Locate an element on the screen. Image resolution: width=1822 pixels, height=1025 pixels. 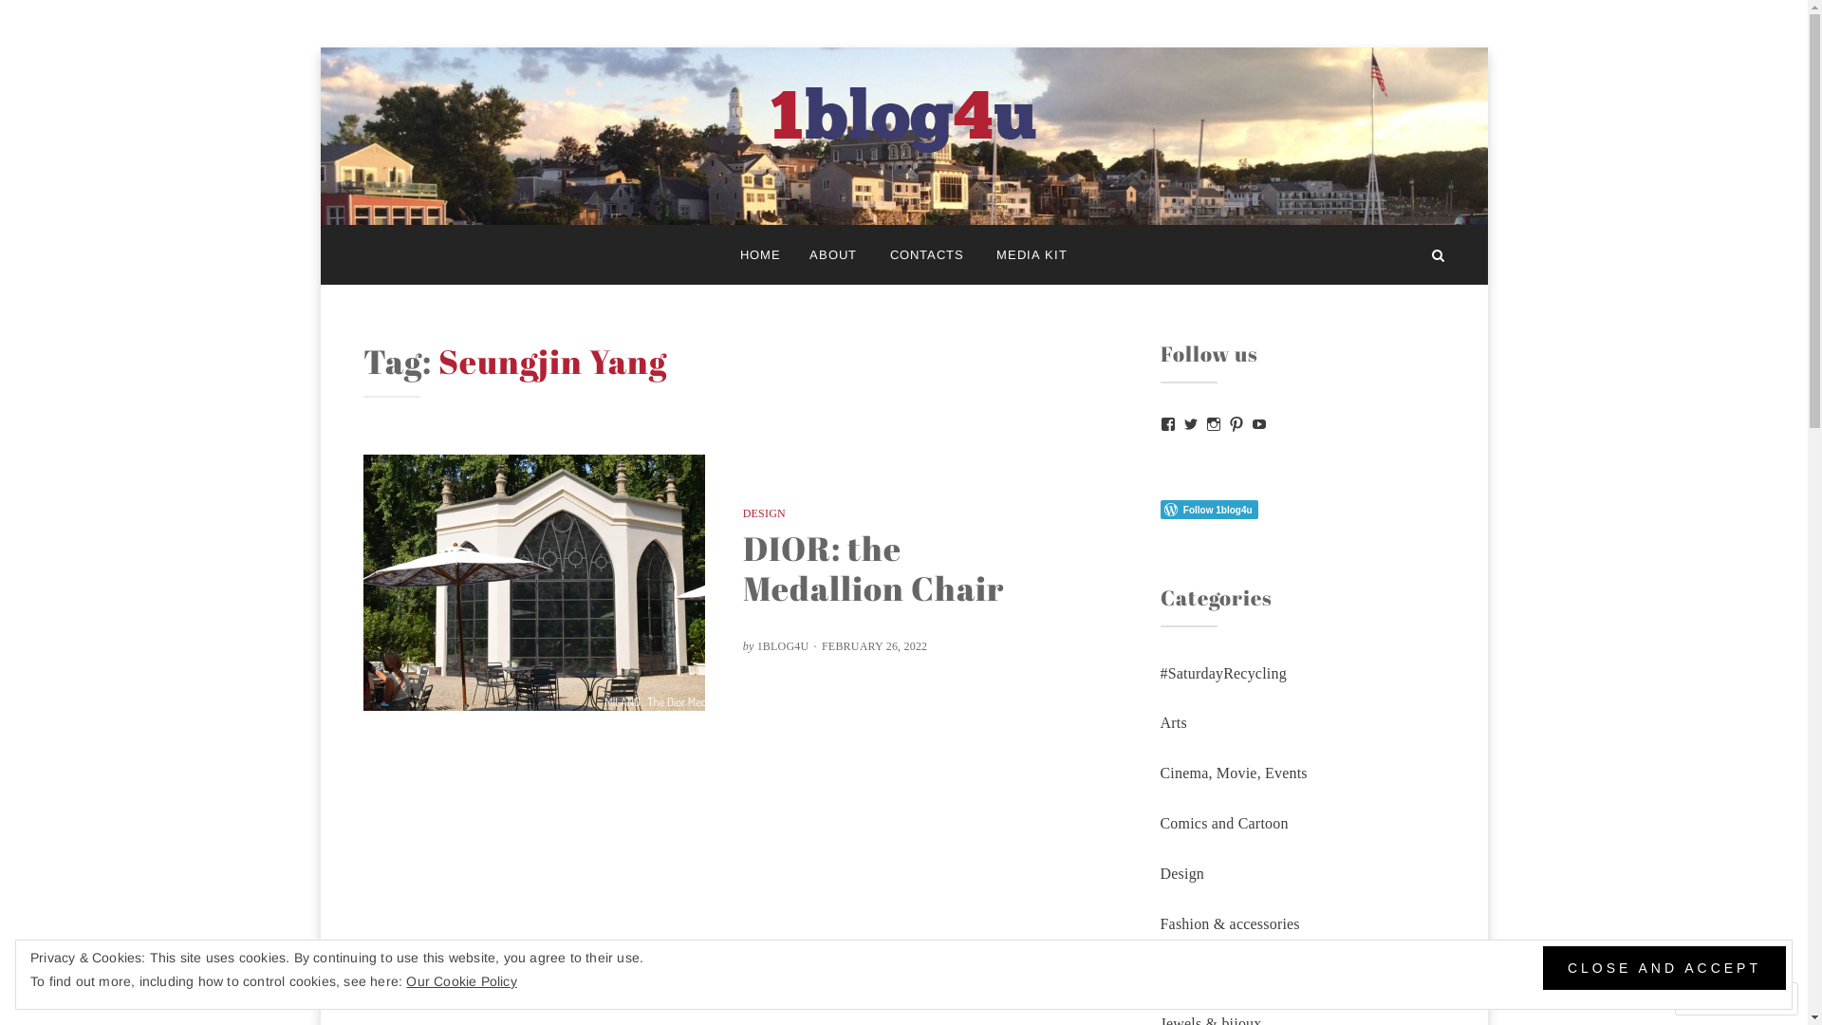
'Fashion & accessories' is located at coordinates (1229, 922).